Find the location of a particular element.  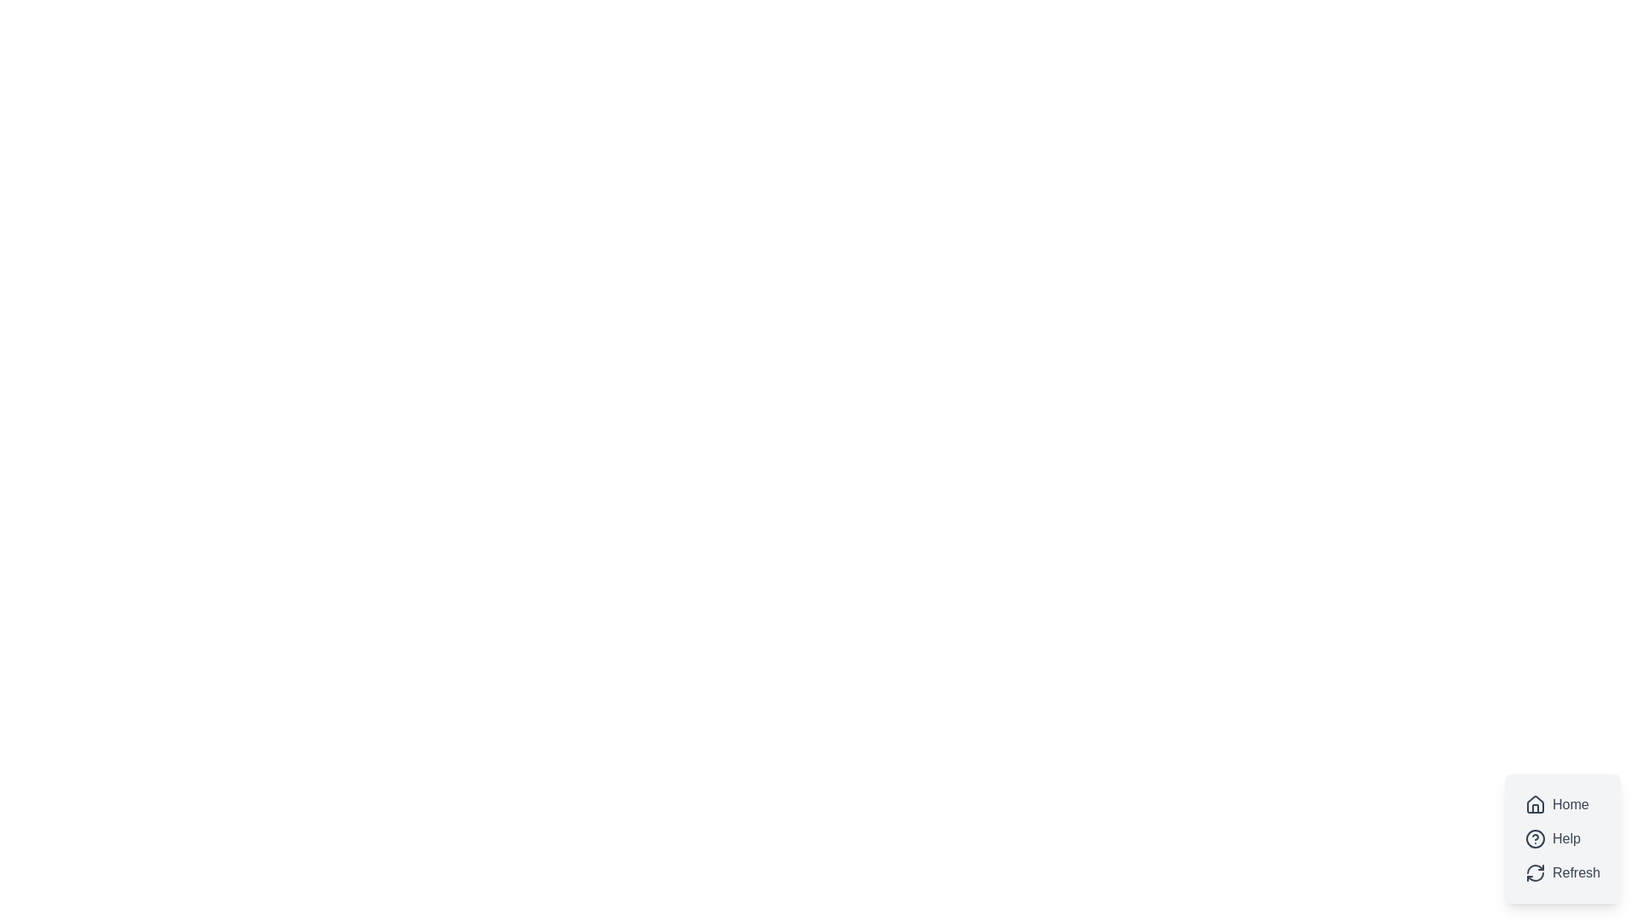

the upper-left arc of the circular arrow in the Refresh button, which is styled with a gray color and is located at the bottom-right corner of the interface is located at coordinates (1536, 869).